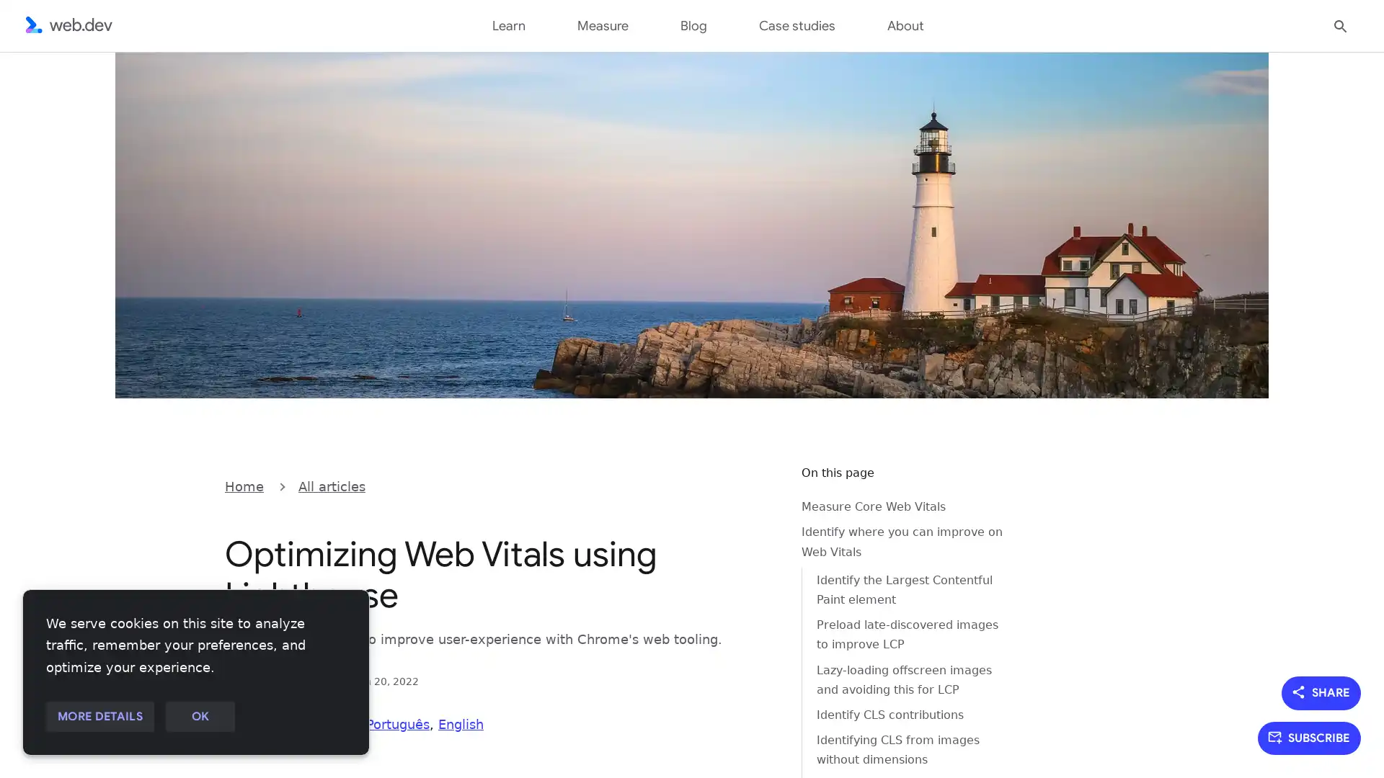  I want to click on SHARE, so click(1321, 692).